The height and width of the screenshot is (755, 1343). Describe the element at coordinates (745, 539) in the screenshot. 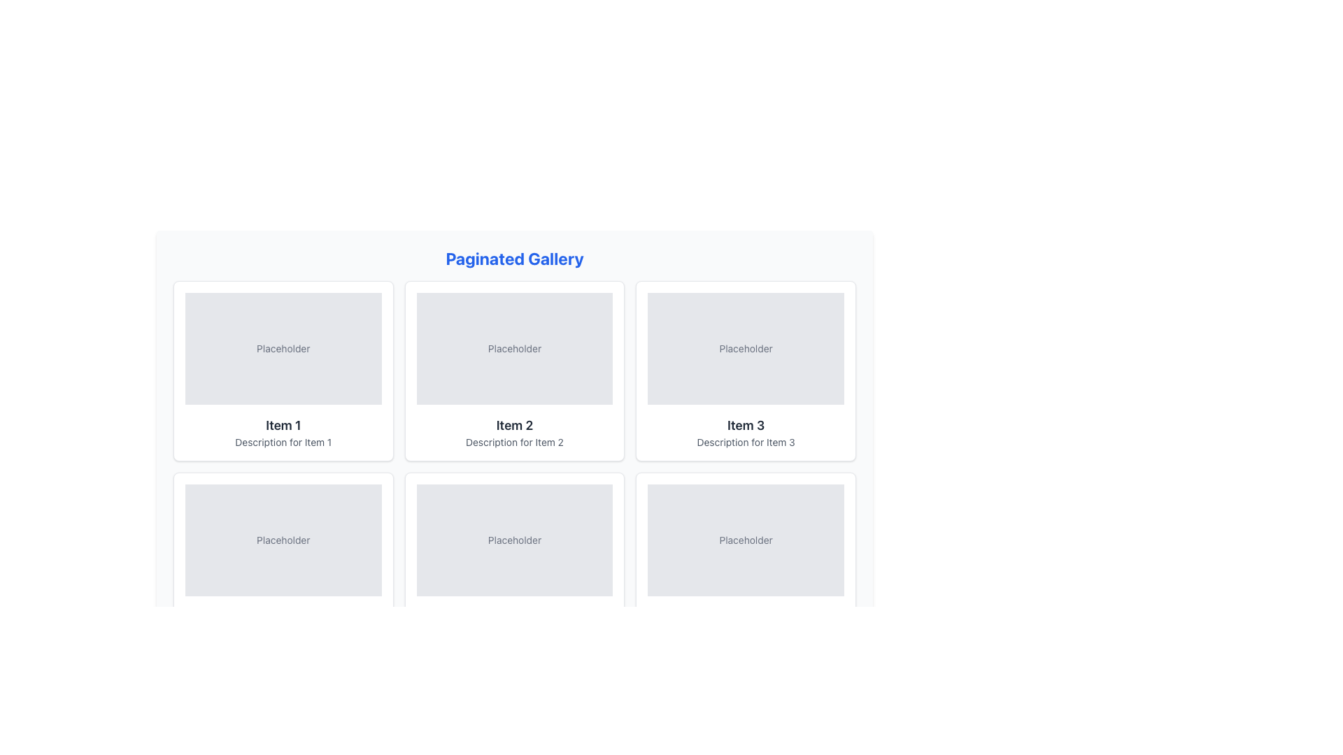

I see `the text component displaying 'Placeholder' in a small gray font located in the bottom-right card of the grid layout` at that location.